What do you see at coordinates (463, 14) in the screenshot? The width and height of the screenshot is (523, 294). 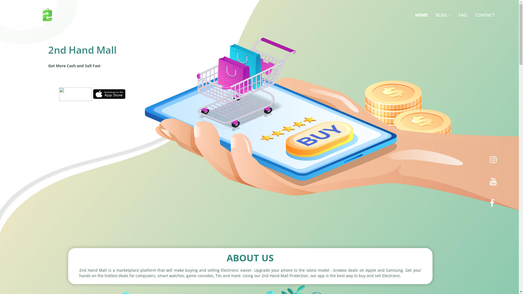 I see `'FAQ'` at bounding box center [463, 14].